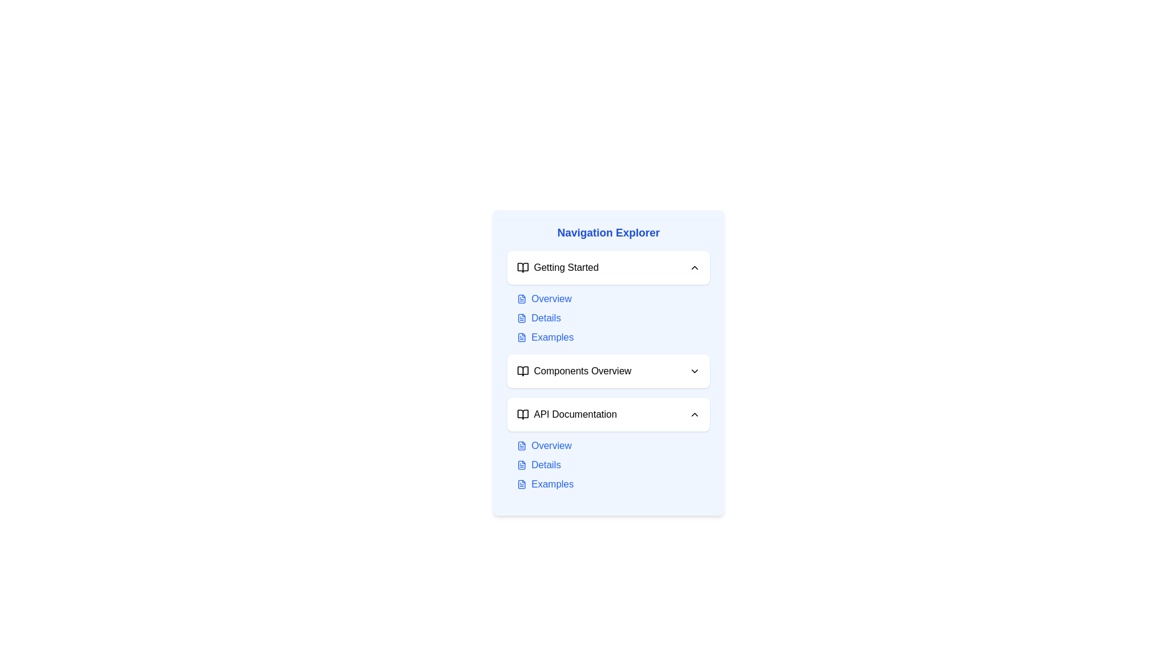 The width and height of the screenshot is (1157, 650). What do you see at coordinates (523, 267) in the screenshot?
I see `the SVG icon representing the 'Getting Started' section, which is the first icon in the navigation list to the left of the section header` at bounding box center [523, 267].